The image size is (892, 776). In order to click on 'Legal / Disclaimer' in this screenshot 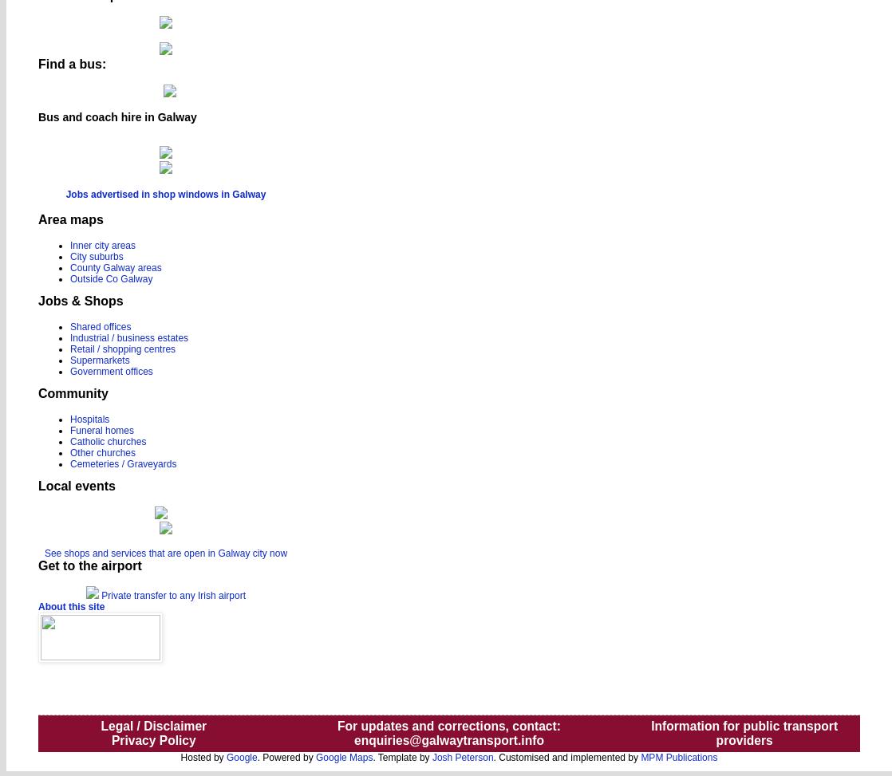, I will do `click(153, 724)`.